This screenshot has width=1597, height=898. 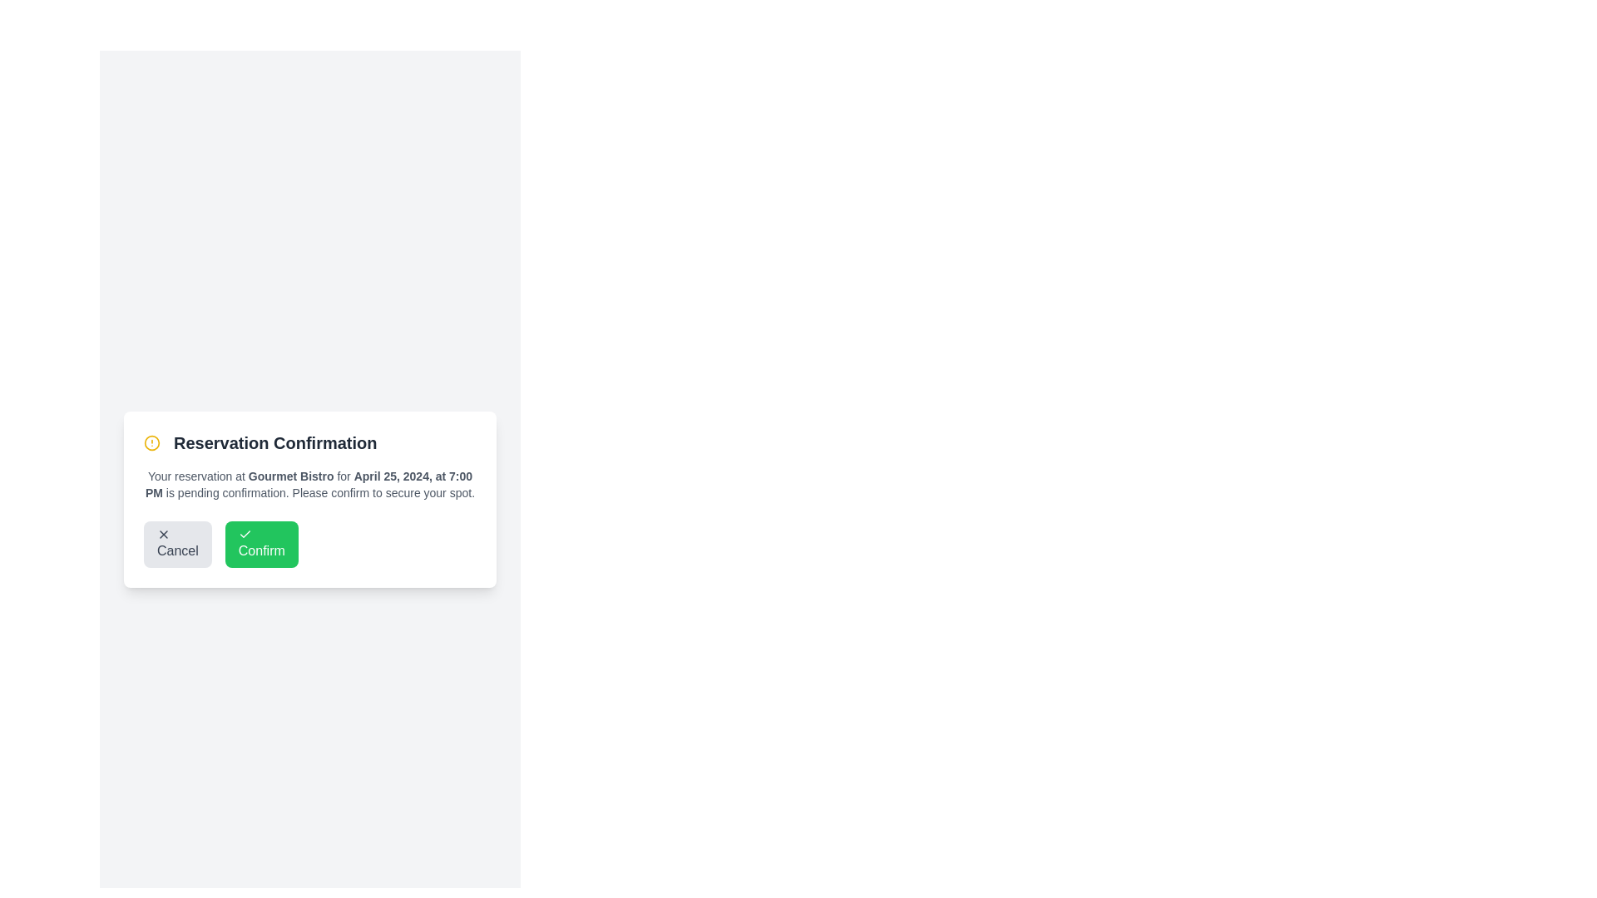 I want to click on the checkmark icon located within the 'Confirm' button, which visually reinforces the confirmation action, so click(x=244, y=535).